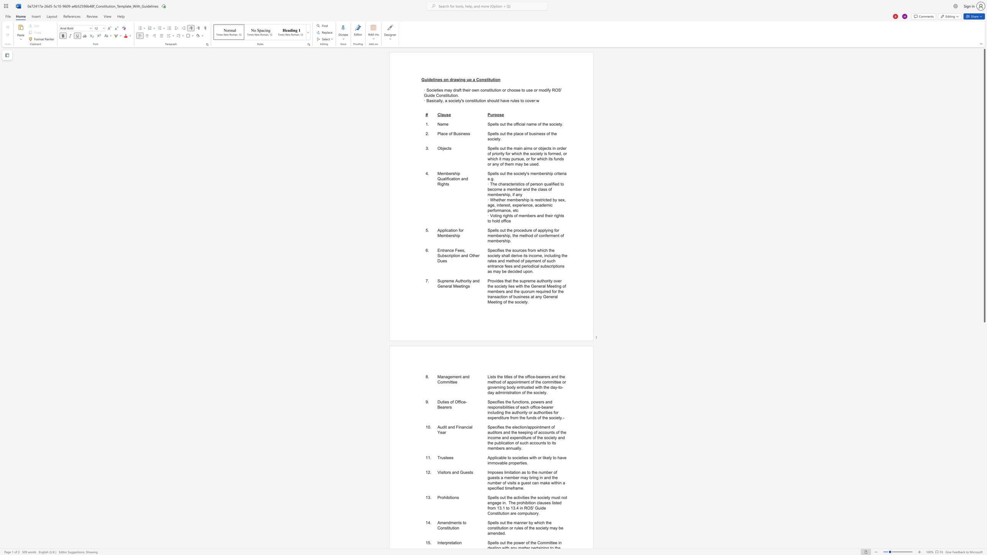 Image resolution: width=987 pixels, height=555 pixels. What do you see at coordinates (984, 450) in the screenshot?
I see `the page's right scrollbar for downward movement` at bounding box center [984, 450].